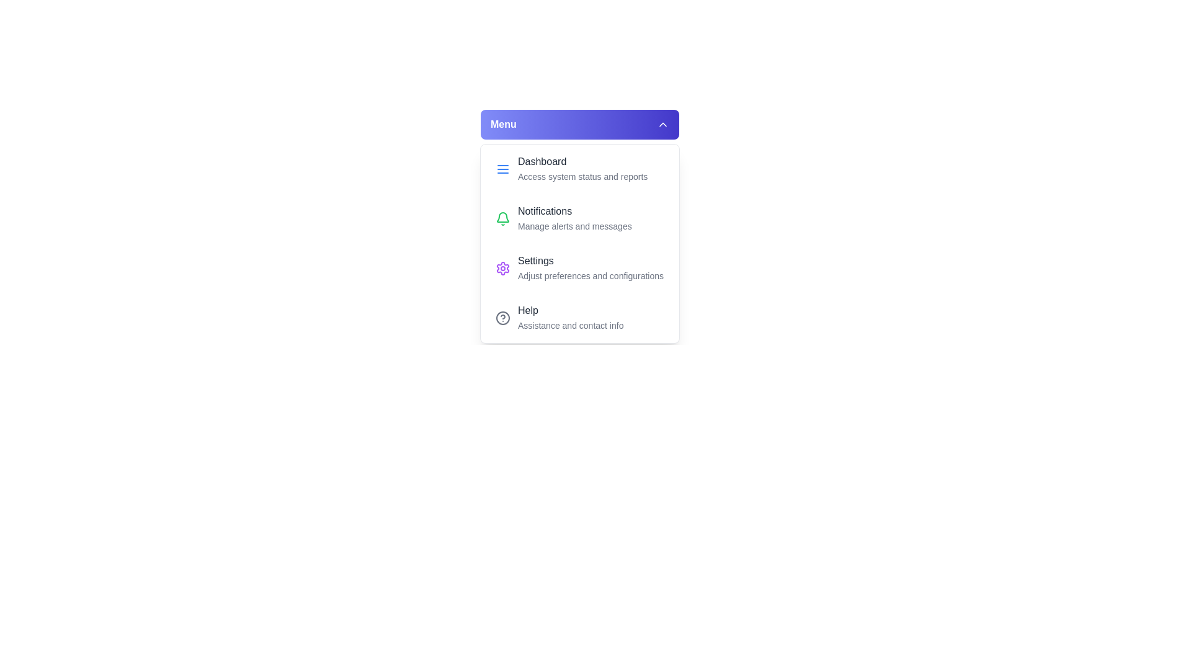  What do you see at coordinates (590, 275) in the screenshot?
I see `the secondary descriptive text under the 'Settings' section in the dropdown menu panel located in the top left region of the interface` at bounding box center [590, 275].